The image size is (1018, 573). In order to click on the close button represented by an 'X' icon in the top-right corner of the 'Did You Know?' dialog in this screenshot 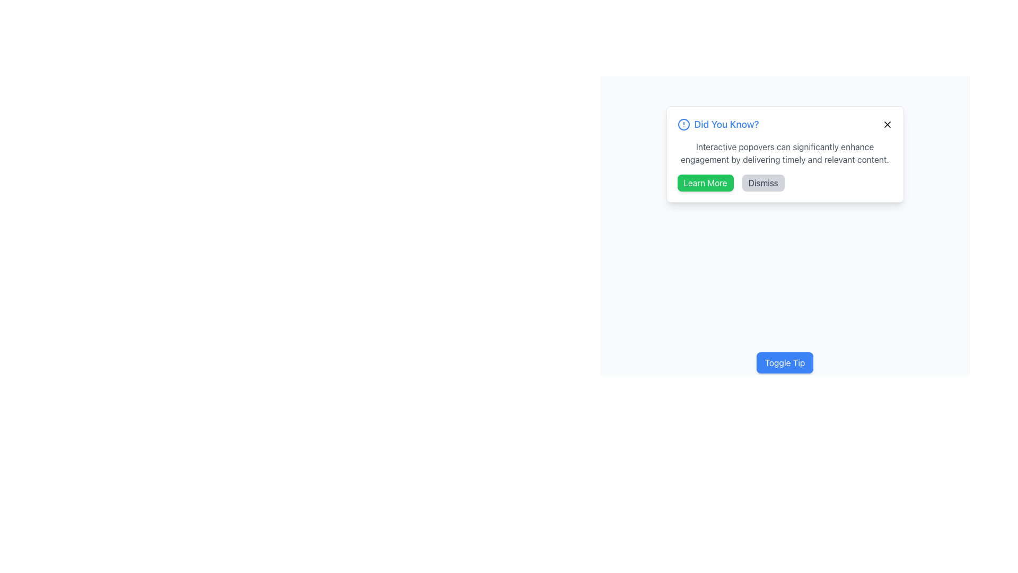, I will do `click(887, 124)`.